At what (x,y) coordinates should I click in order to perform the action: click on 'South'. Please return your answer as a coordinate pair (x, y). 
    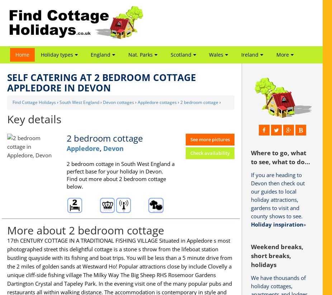
    Looking at the image, I should click on (246, 93).